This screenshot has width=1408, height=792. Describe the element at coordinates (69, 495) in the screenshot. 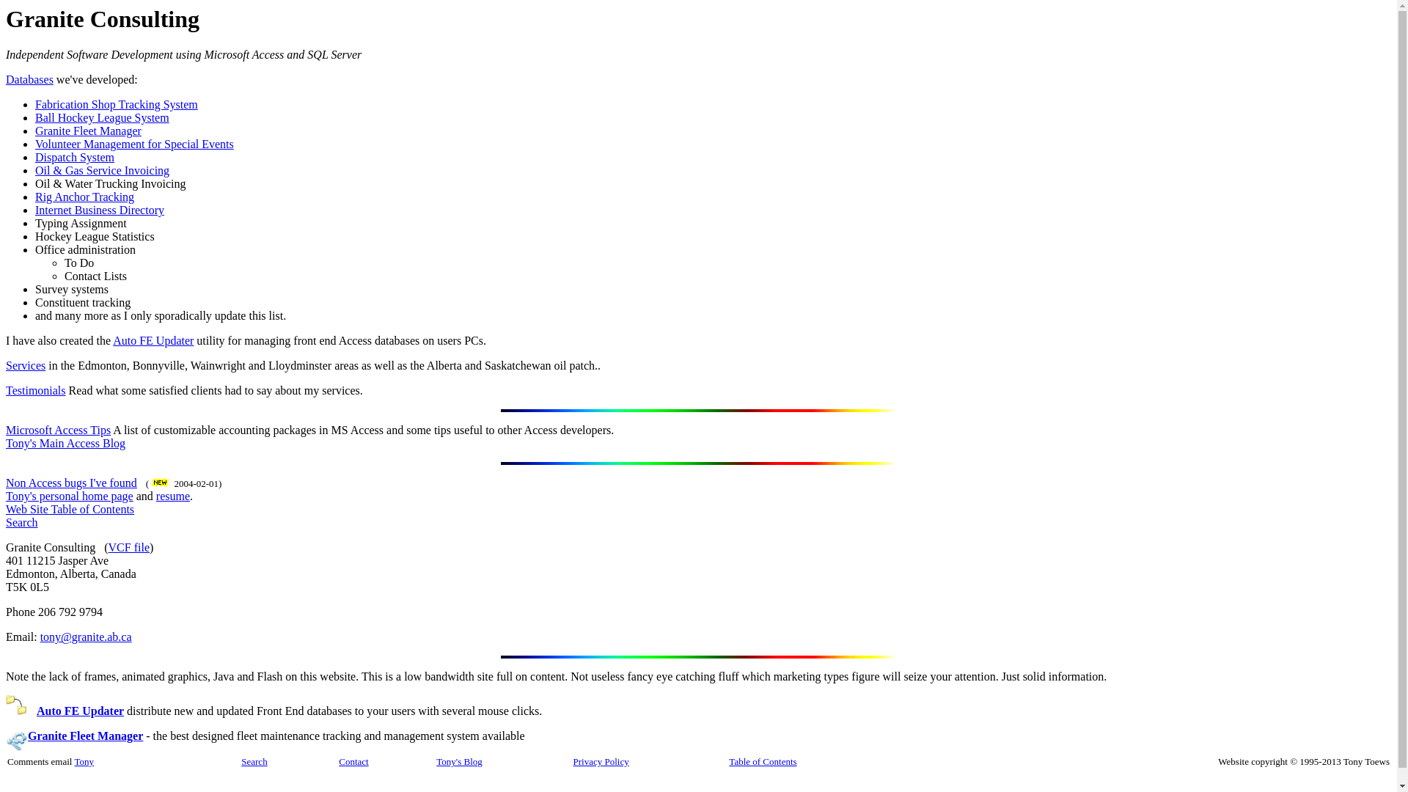

I see `'Tony's personal home page'` at that location.